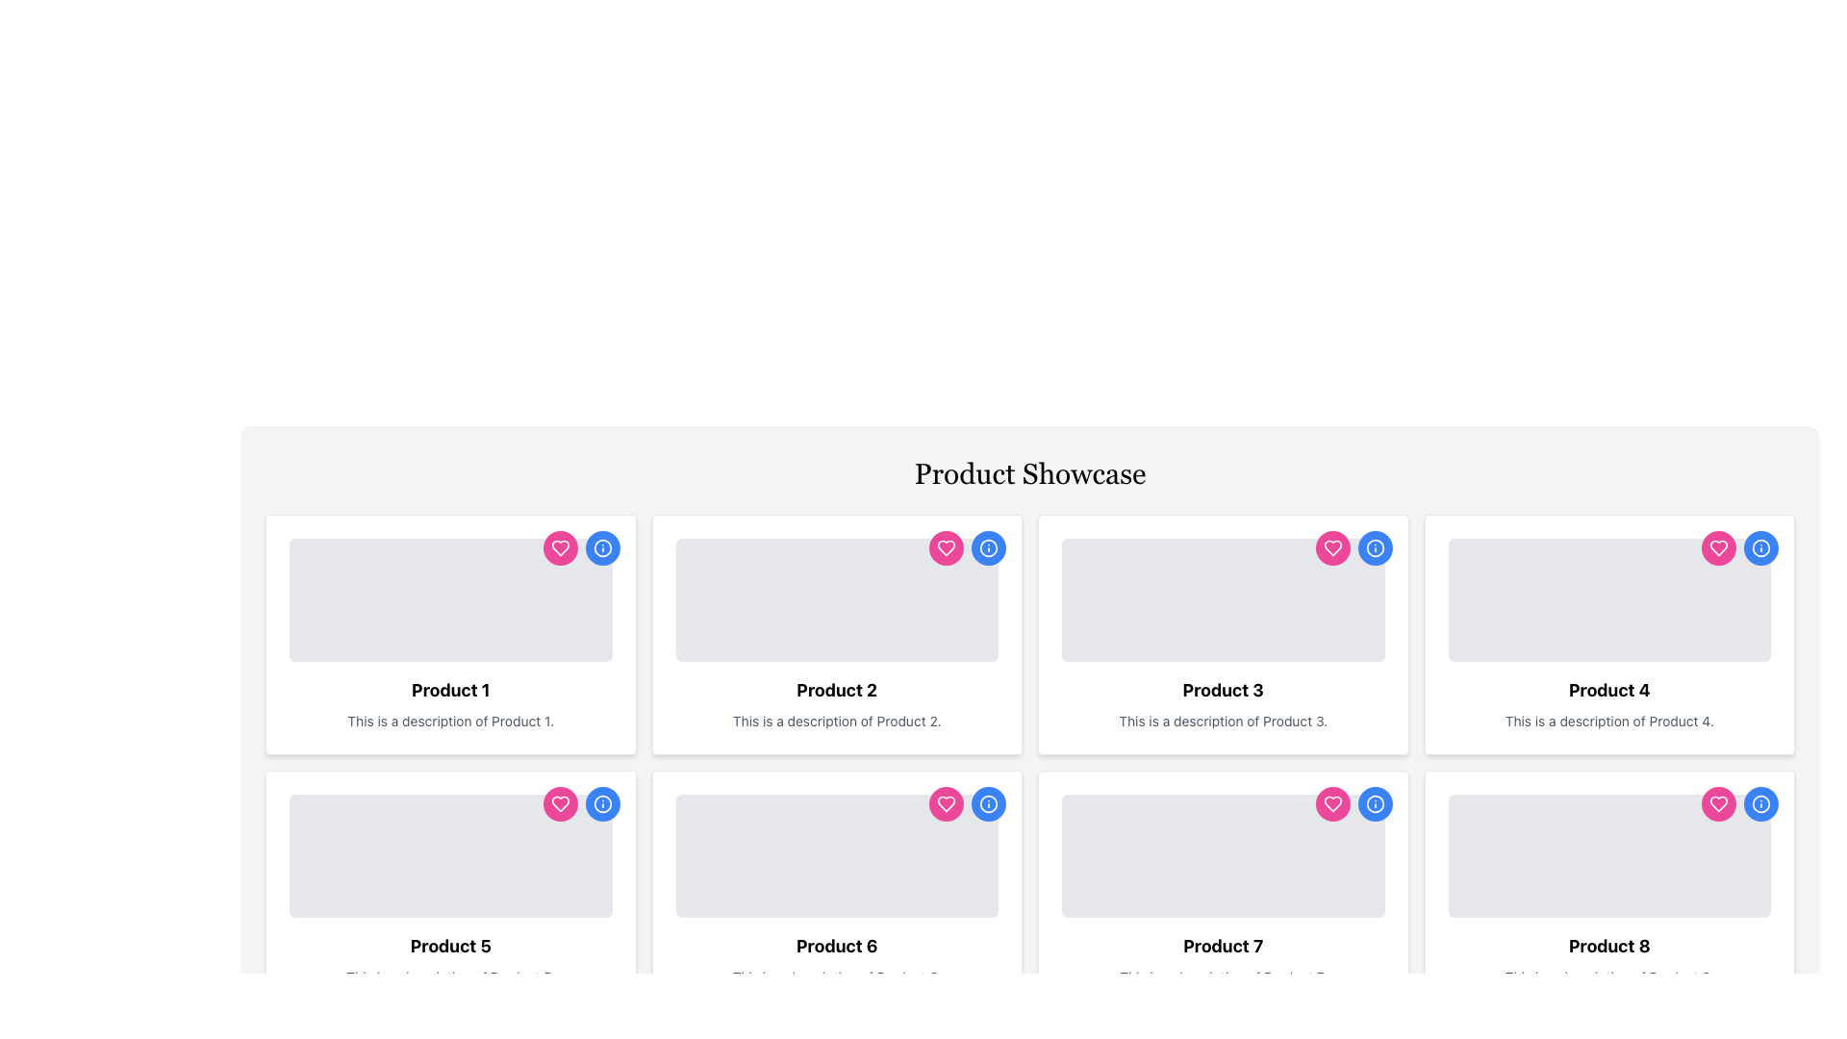 Image resolution: width=1847 pixels, height=1039 pixels. Describe the element at coordinates (1222, 599) in the screenshot. I see `the Image placeholder with a gray background and rounded corners located at the upper center of the 'Product 3' card` at that location.